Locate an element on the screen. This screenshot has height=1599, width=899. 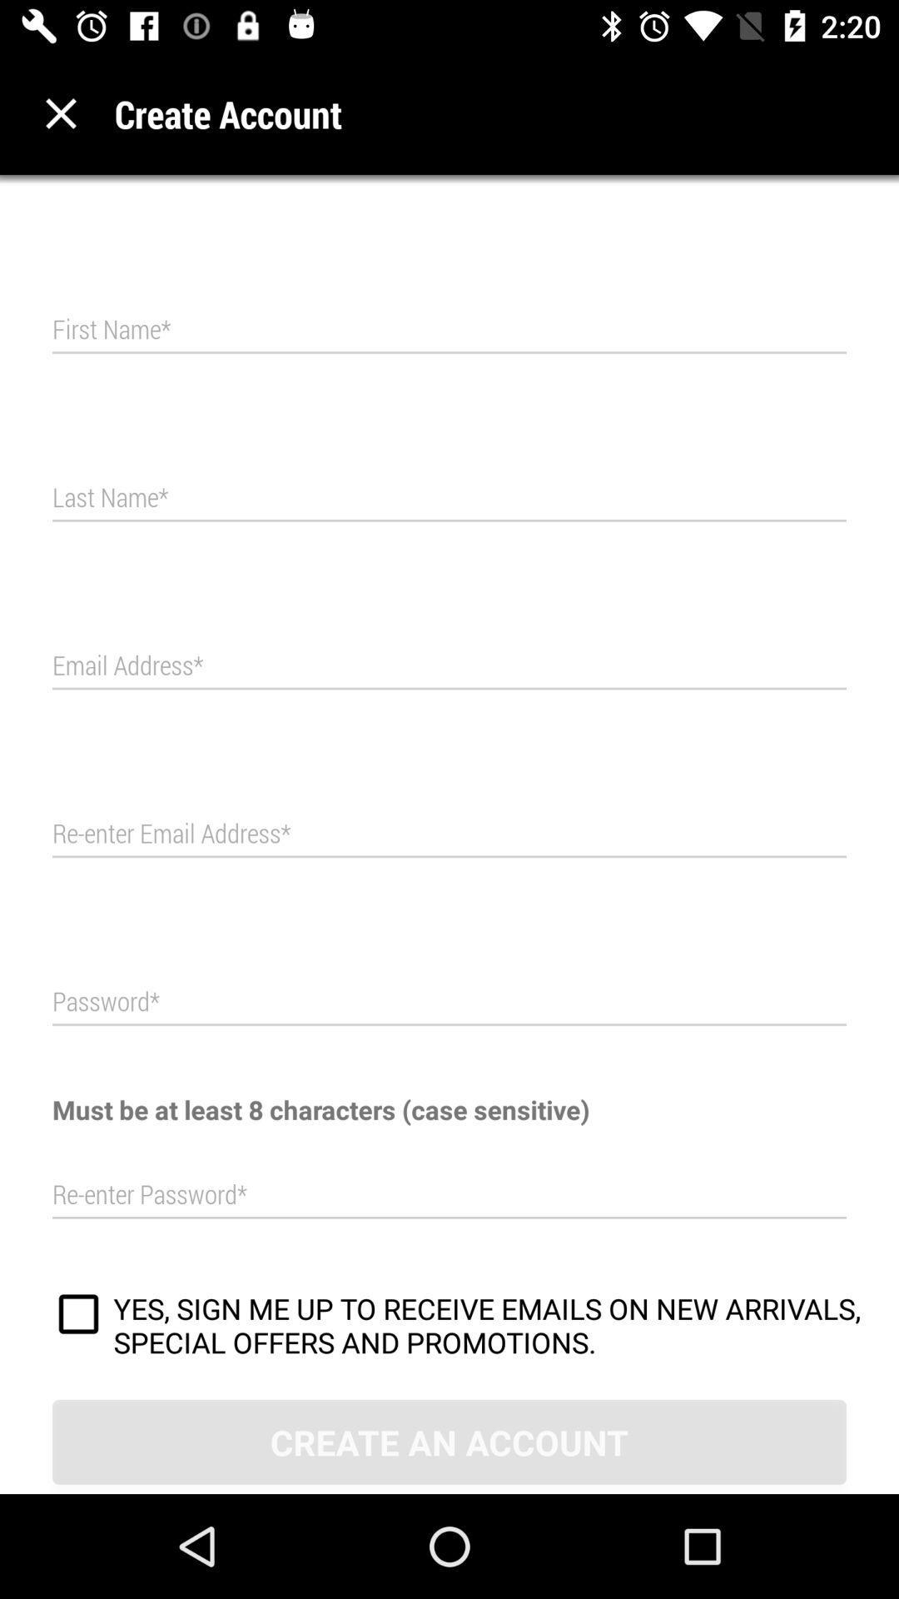
sign up is located at coordinates (78, 1316).